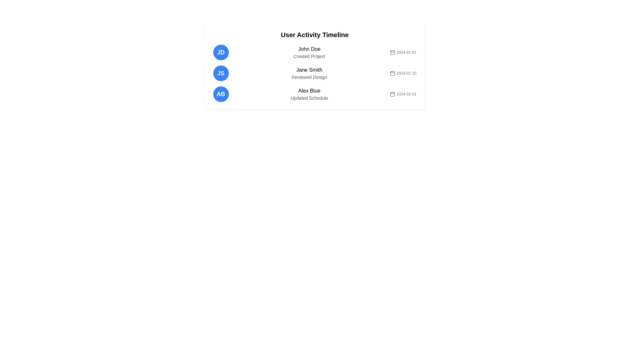 This screenshot has width=626, height=352. I want to click on details of the activity entry for 'Jane Smith' in the User Activity Timeline, which is the second list item in the sequence, so click(315, 73).